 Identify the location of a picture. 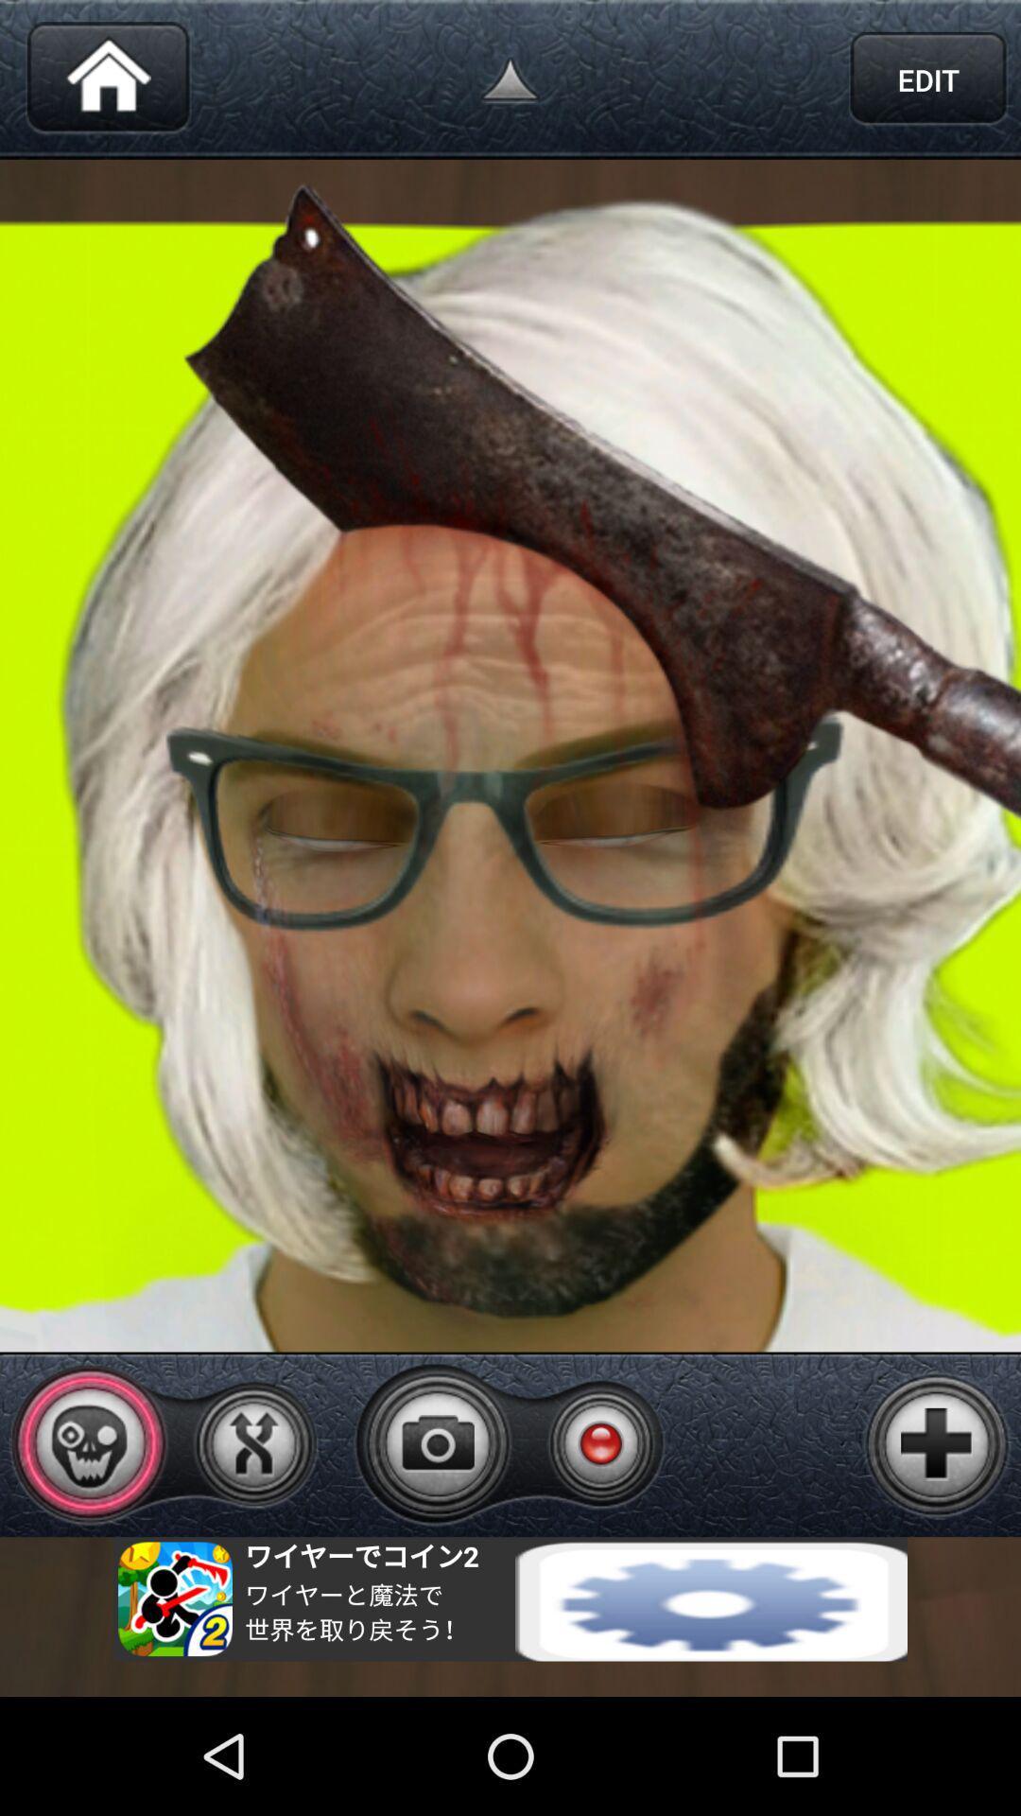
(937, 1443).